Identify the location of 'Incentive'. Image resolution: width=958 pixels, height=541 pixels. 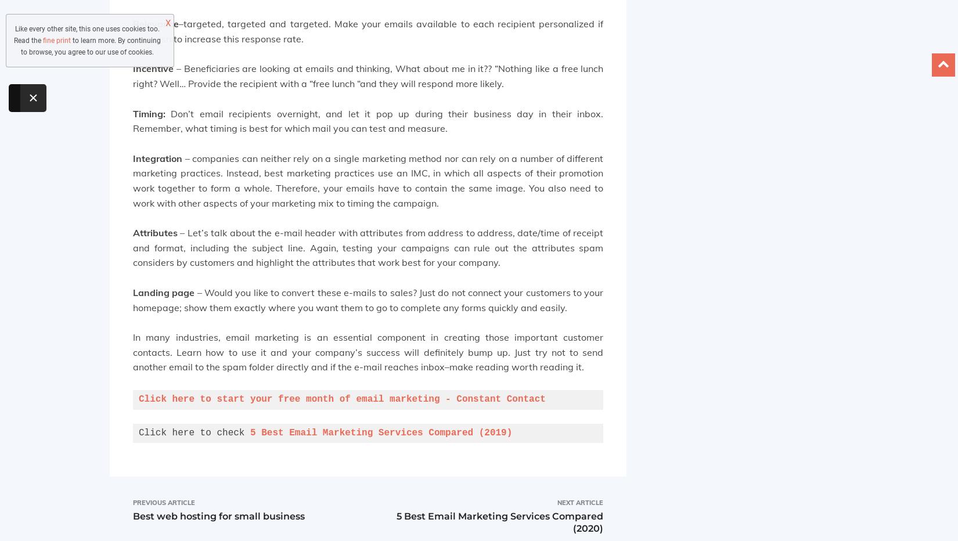
(153, 67).